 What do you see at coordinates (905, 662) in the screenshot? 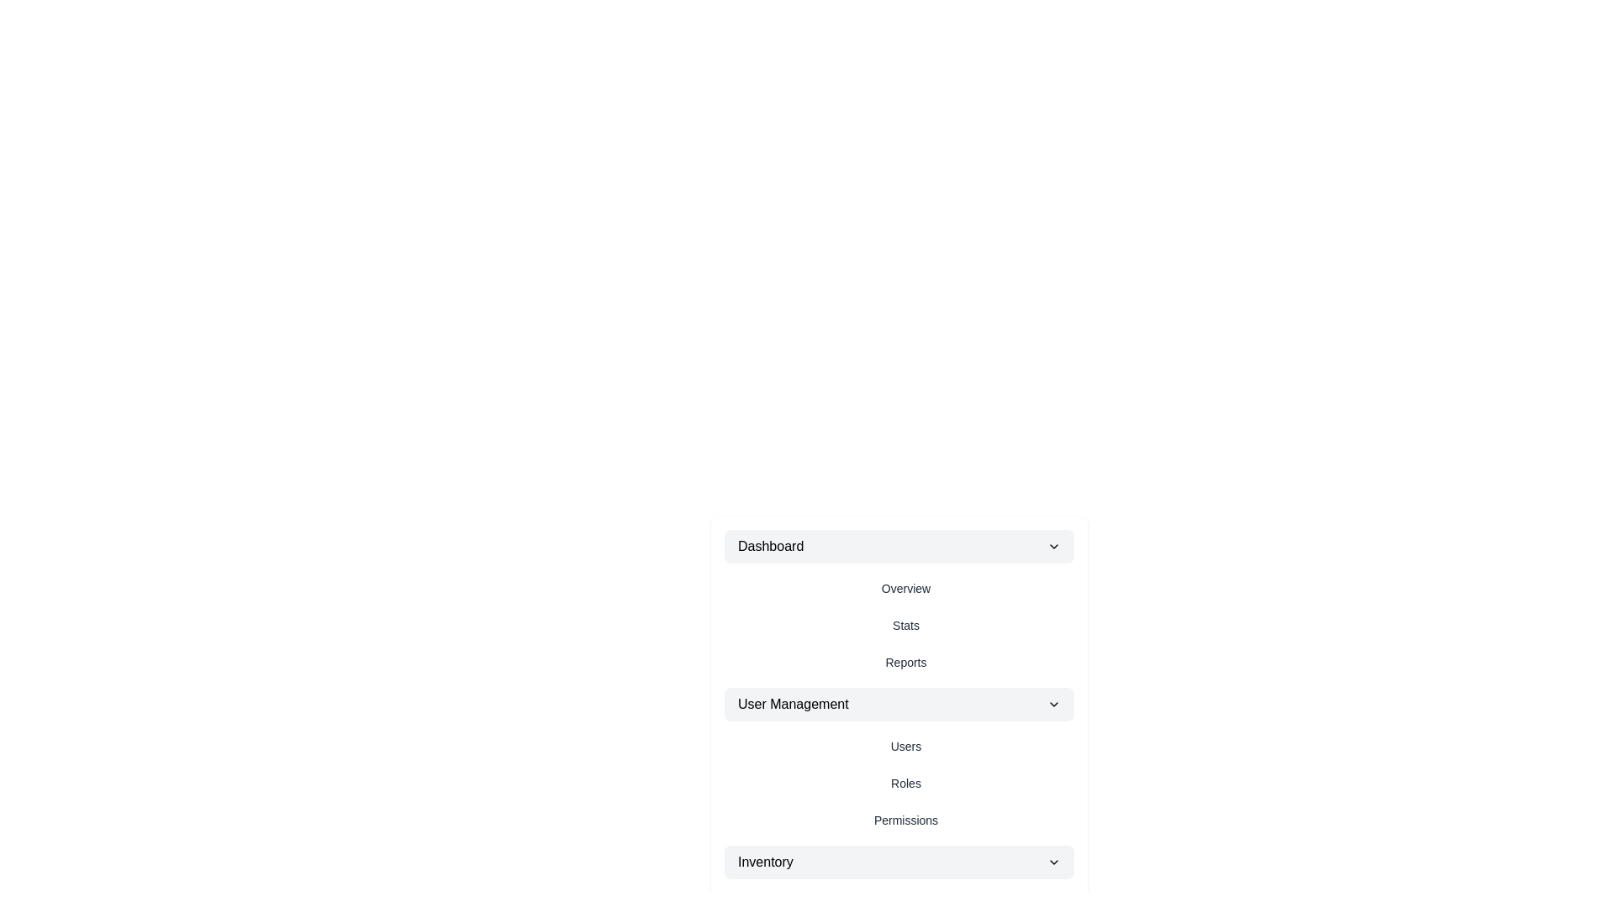
I see `the menu item Reports from the StyledMenu` at bounding box center [905, 662].